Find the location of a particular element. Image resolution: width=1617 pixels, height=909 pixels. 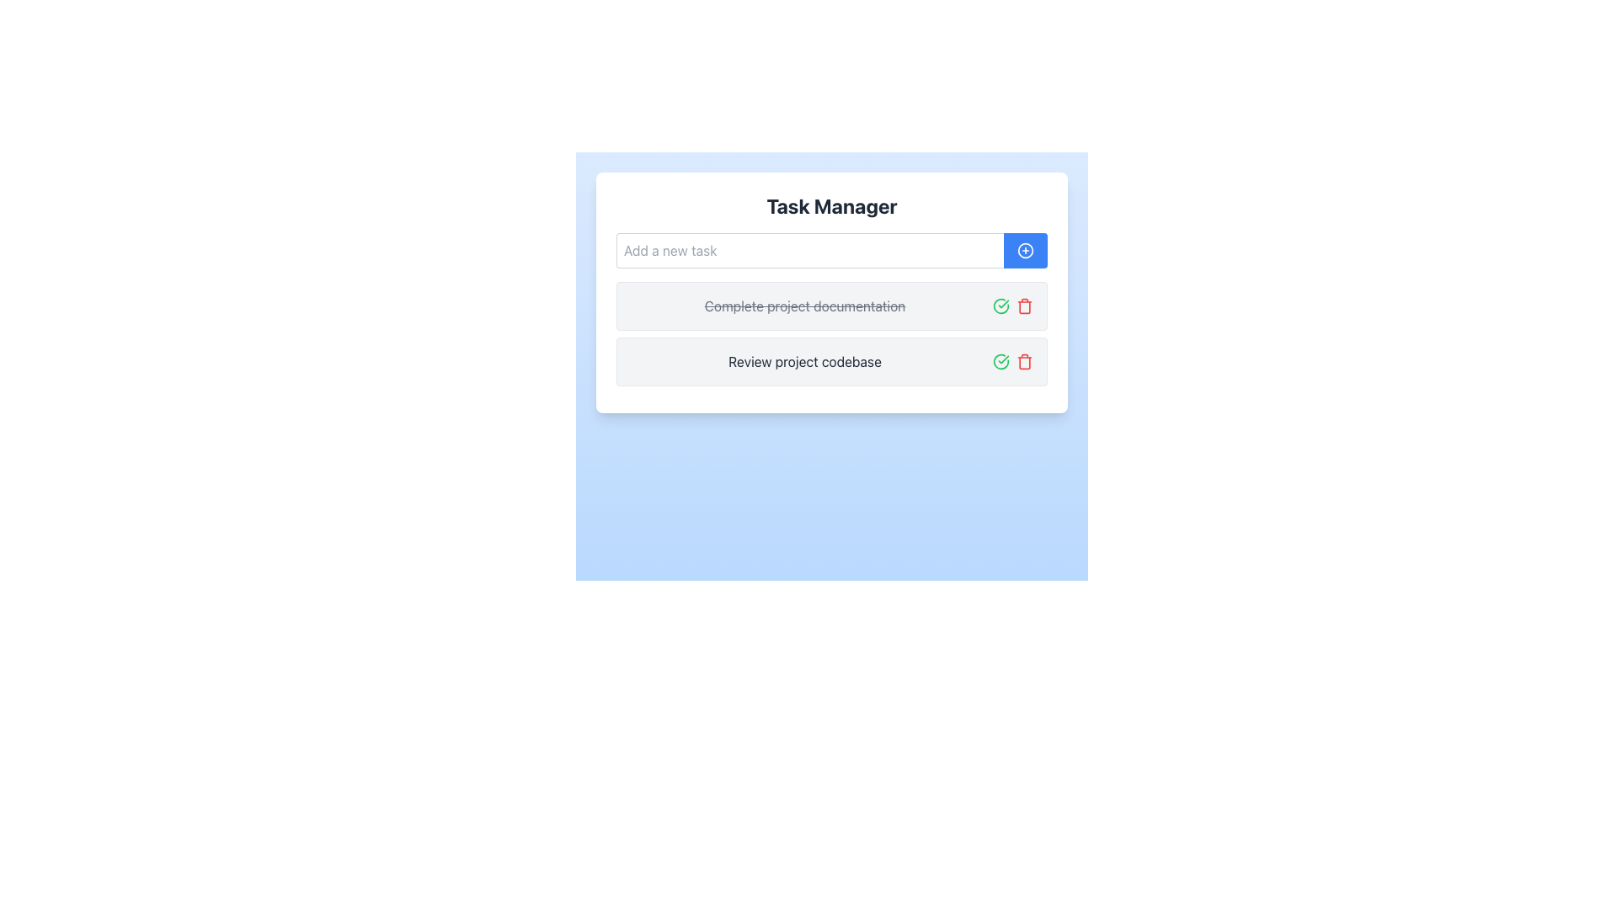

the icon-based button within the blue button on the right side of the input field labeled 'Add a new task' is located at coordinates (1025, 250).